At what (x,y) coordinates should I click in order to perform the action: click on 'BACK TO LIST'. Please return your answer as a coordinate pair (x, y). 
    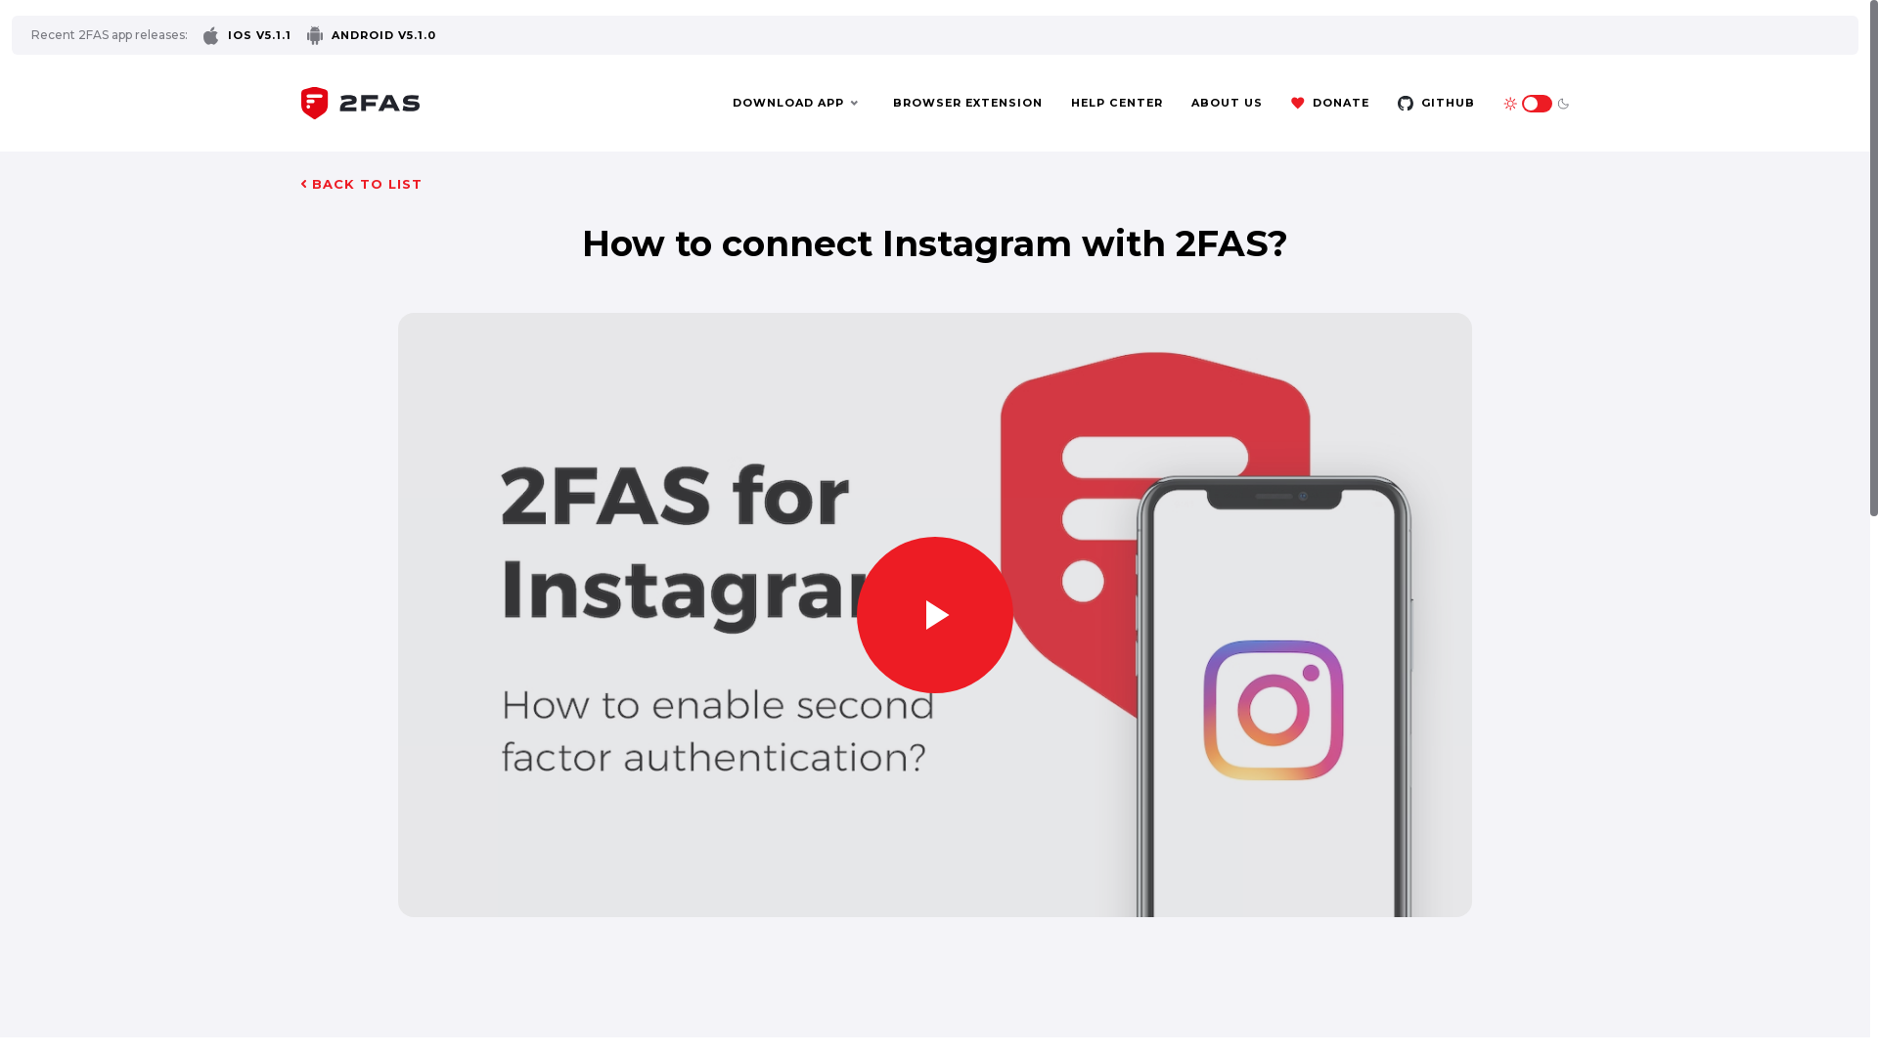
    Looking at the image, I should click on (361, 184).